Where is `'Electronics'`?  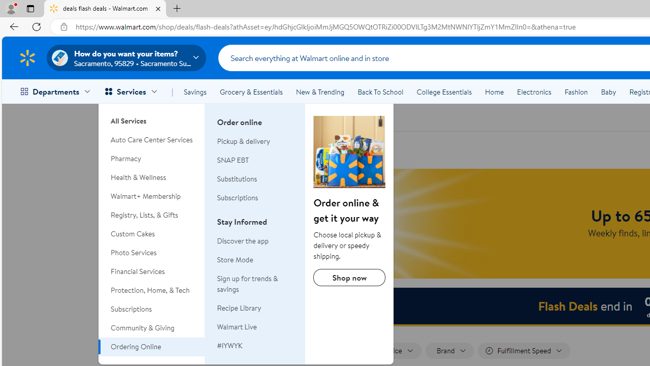 'Electronics' is located at coordinates (533, 92).